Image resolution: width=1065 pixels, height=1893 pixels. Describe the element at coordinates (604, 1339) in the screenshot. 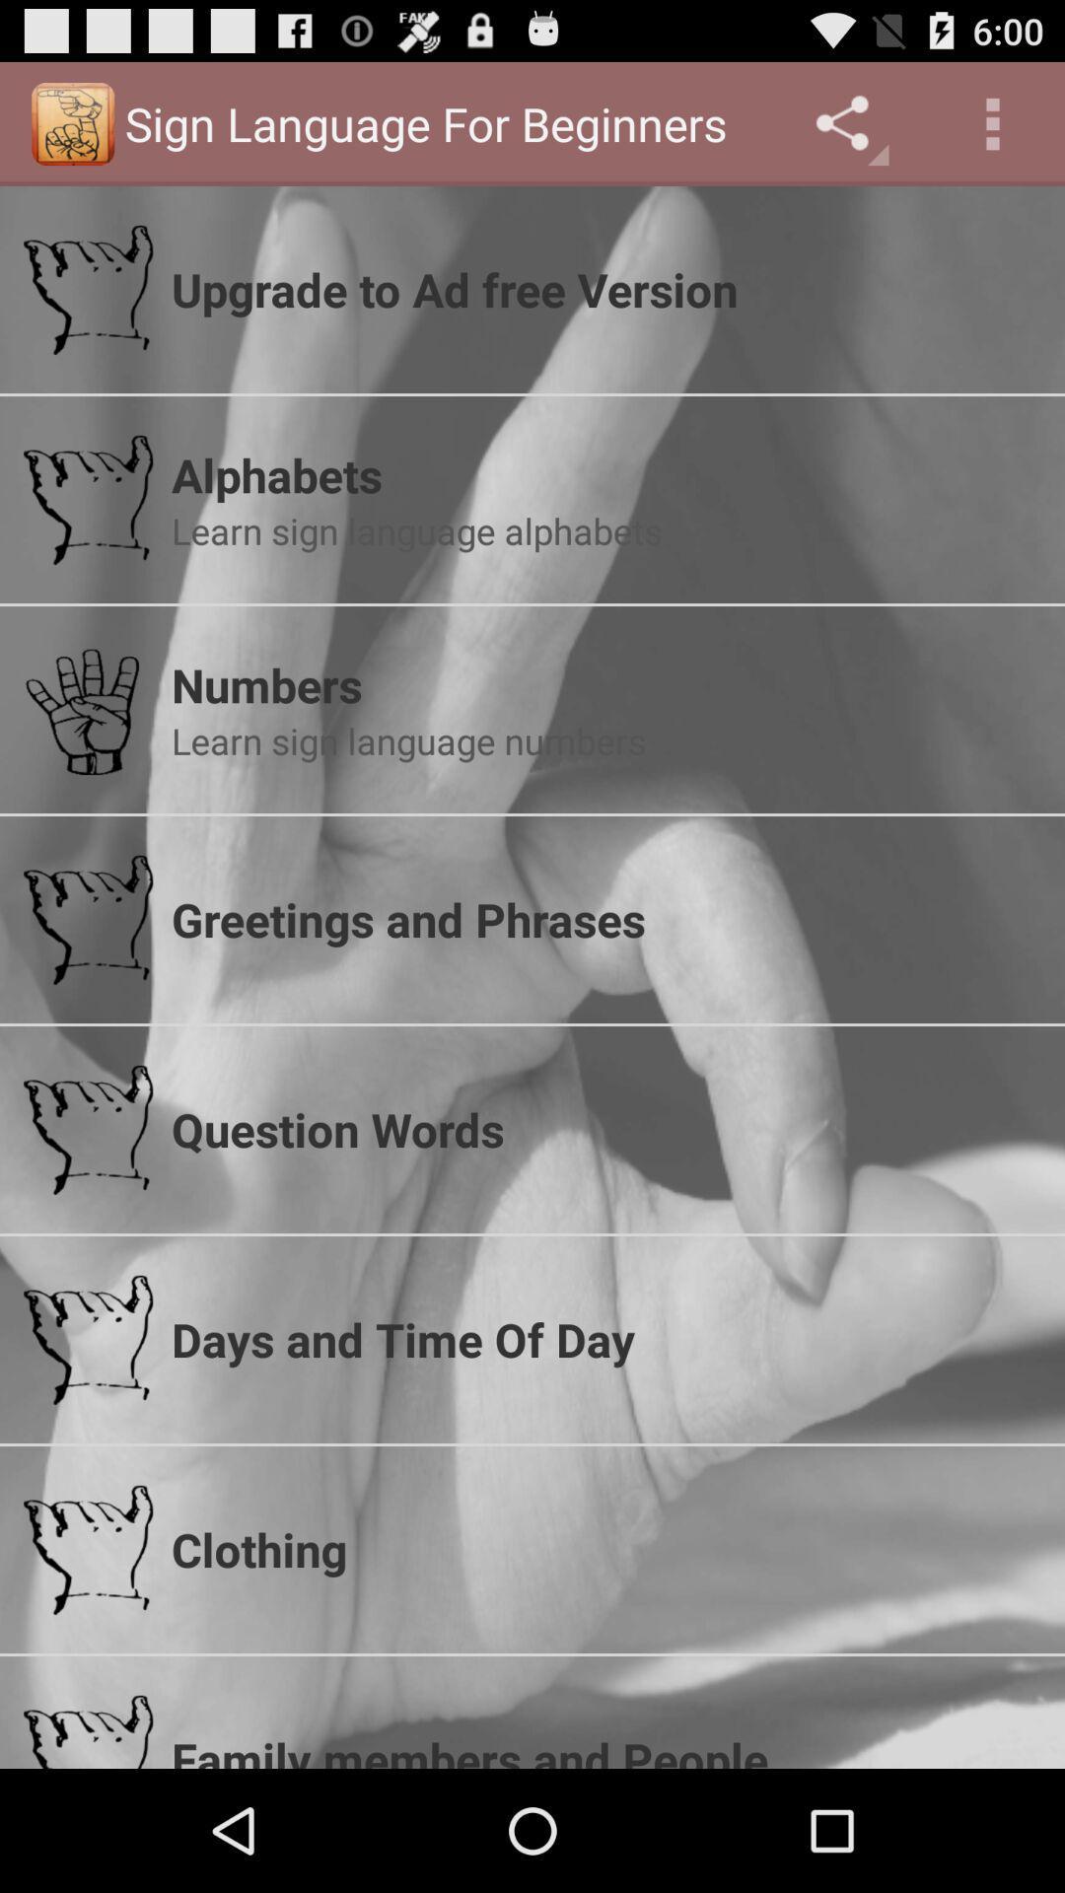

I see `the icon above clothing` at that location.